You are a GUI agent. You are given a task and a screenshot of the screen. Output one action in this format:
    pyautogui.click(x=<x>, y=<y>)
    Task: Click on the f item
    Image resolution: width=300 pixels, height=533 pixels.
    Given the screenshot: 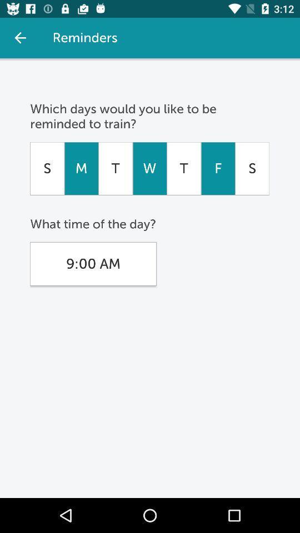 What is the action you would take?
    pyautogui.click(x=218, y=168)
    